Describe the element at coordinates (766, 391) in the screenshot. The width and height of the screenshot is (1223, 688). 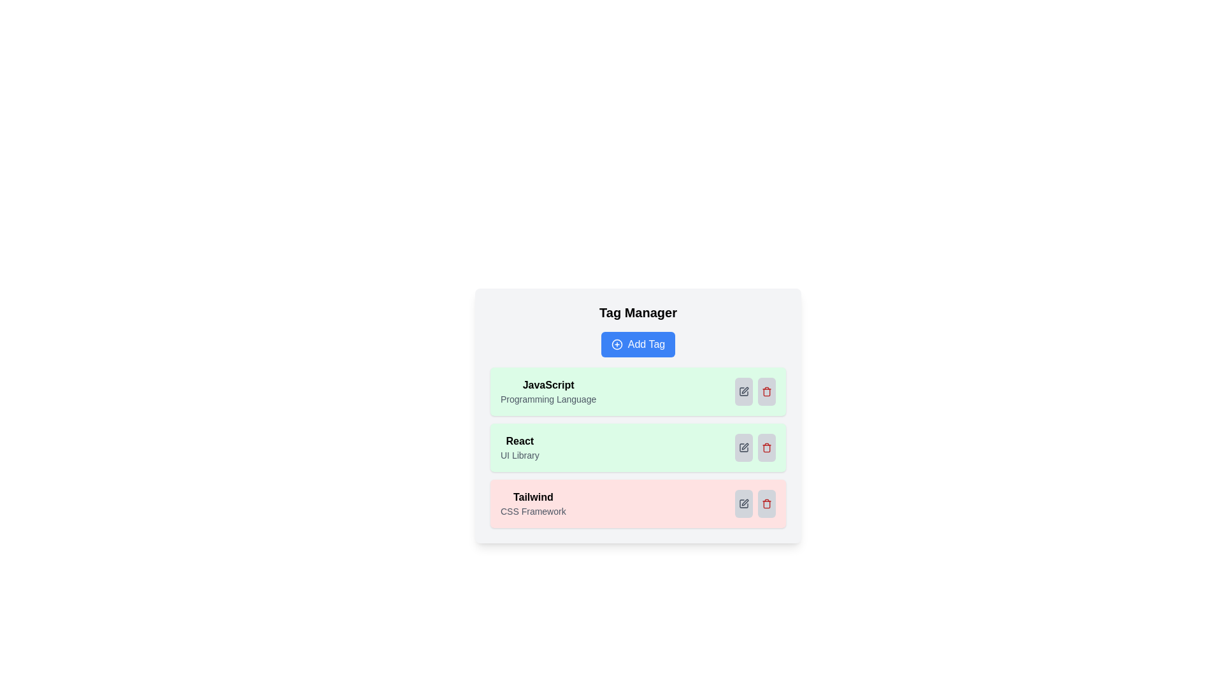
I see `the trash icon corresponding to the tag JavaScript to delete it` at that location.